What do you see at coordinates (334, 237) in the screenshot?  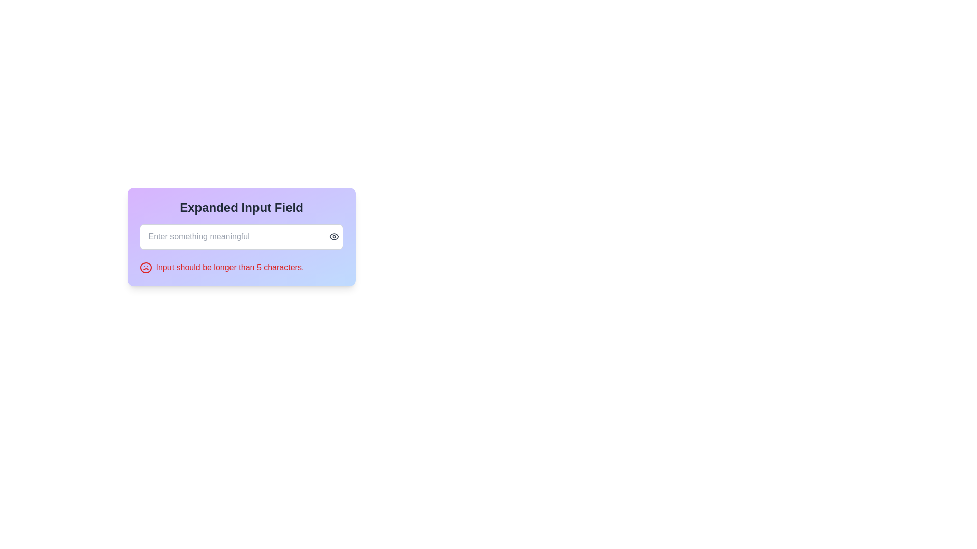 I see `the eye icon located at the right side of the text input field labeled 'Enter something meaningful'` at bounding box center [334, 237].